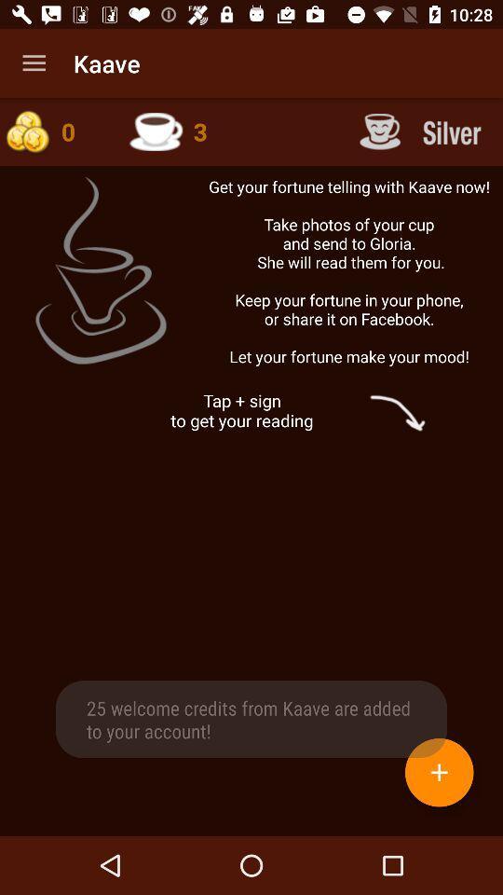 The height and width of the screenshot is (895, 503). What do you see at coordinates (439, 772) in the screenshot?
I see `new` at bounding box center [439, 772].